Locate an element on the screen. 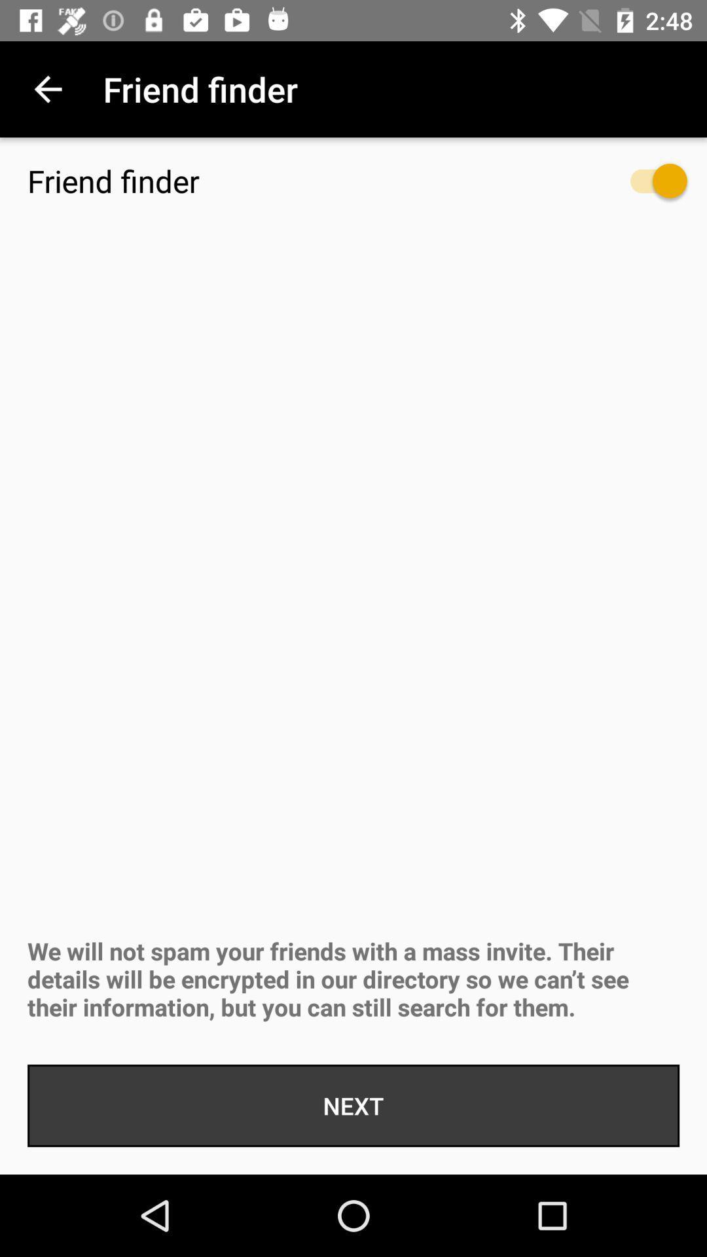 The height and width of the screenshot is (1257, 707). the app next to friend finder icon is located at coordinates (47, 88).